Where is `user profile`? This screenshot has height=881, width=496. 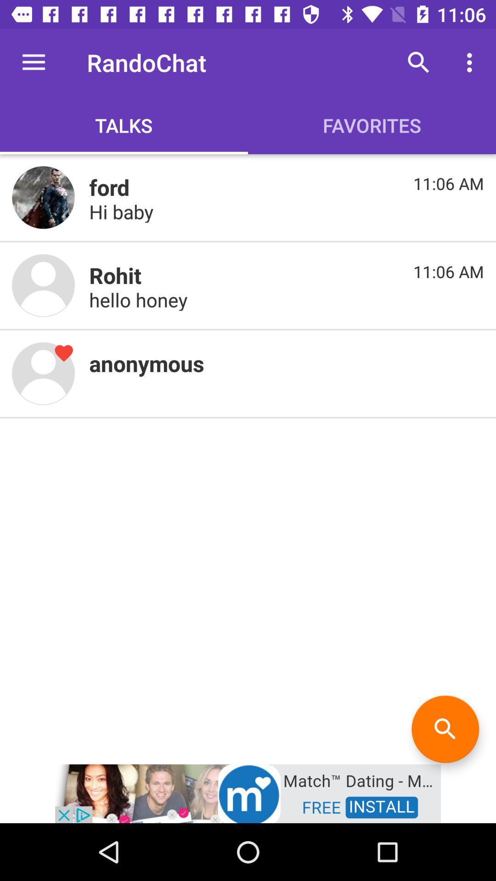 user profile is located at coordinates (43, 374).